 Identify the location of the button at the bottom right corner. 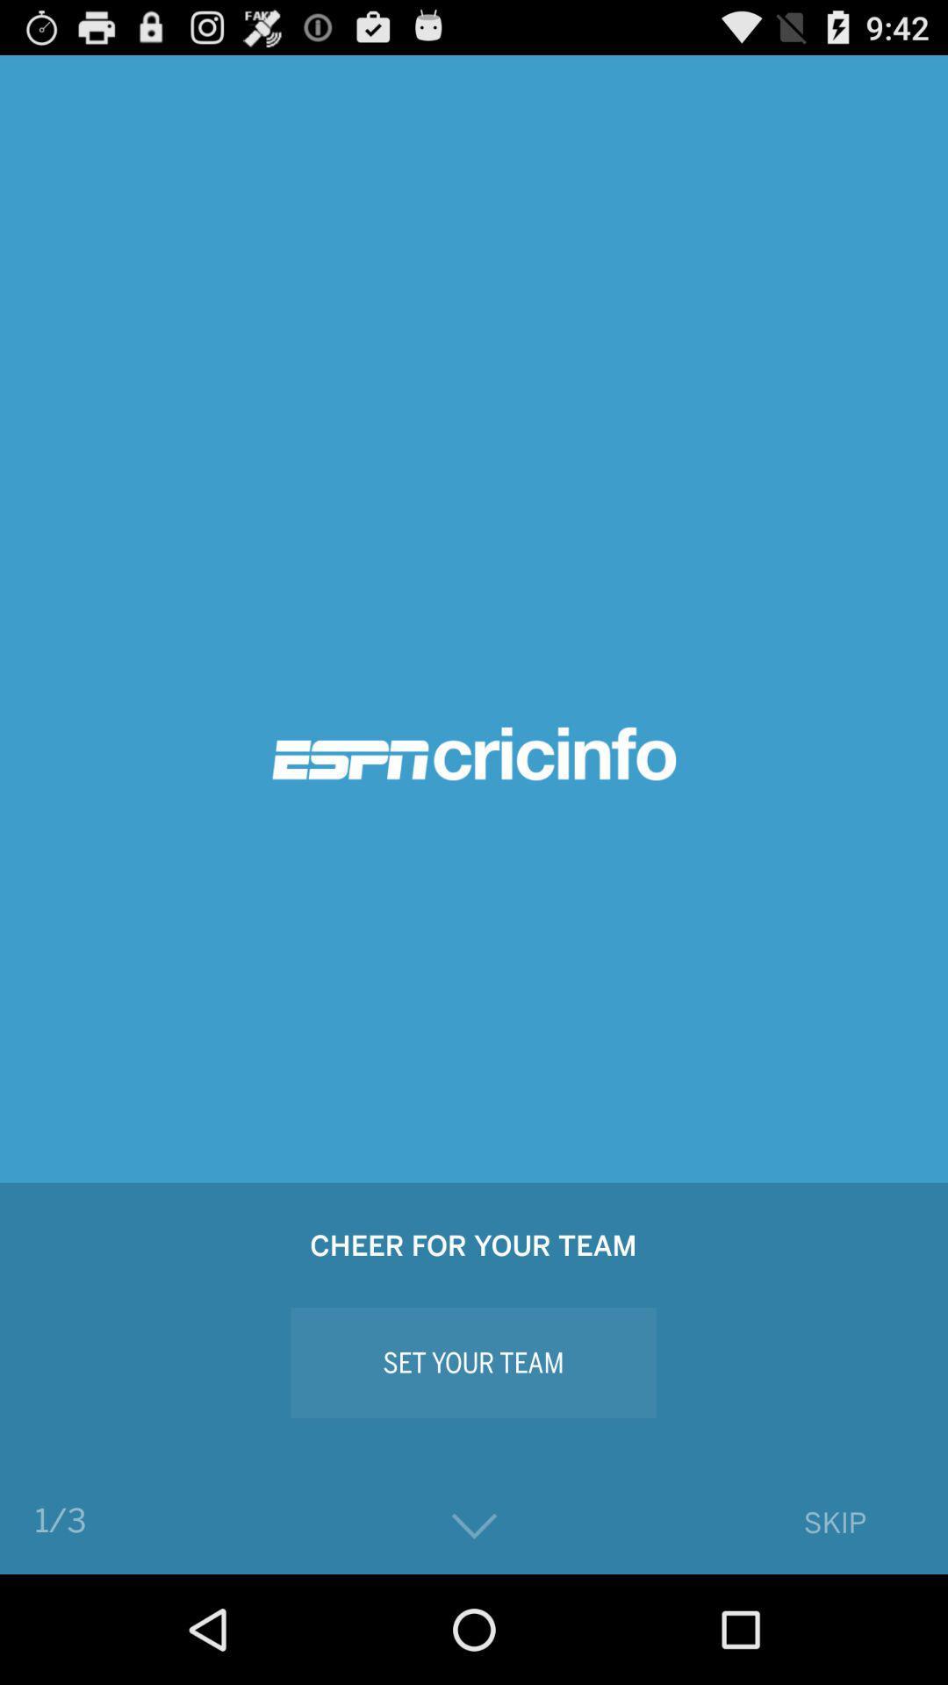
(834, 1521).